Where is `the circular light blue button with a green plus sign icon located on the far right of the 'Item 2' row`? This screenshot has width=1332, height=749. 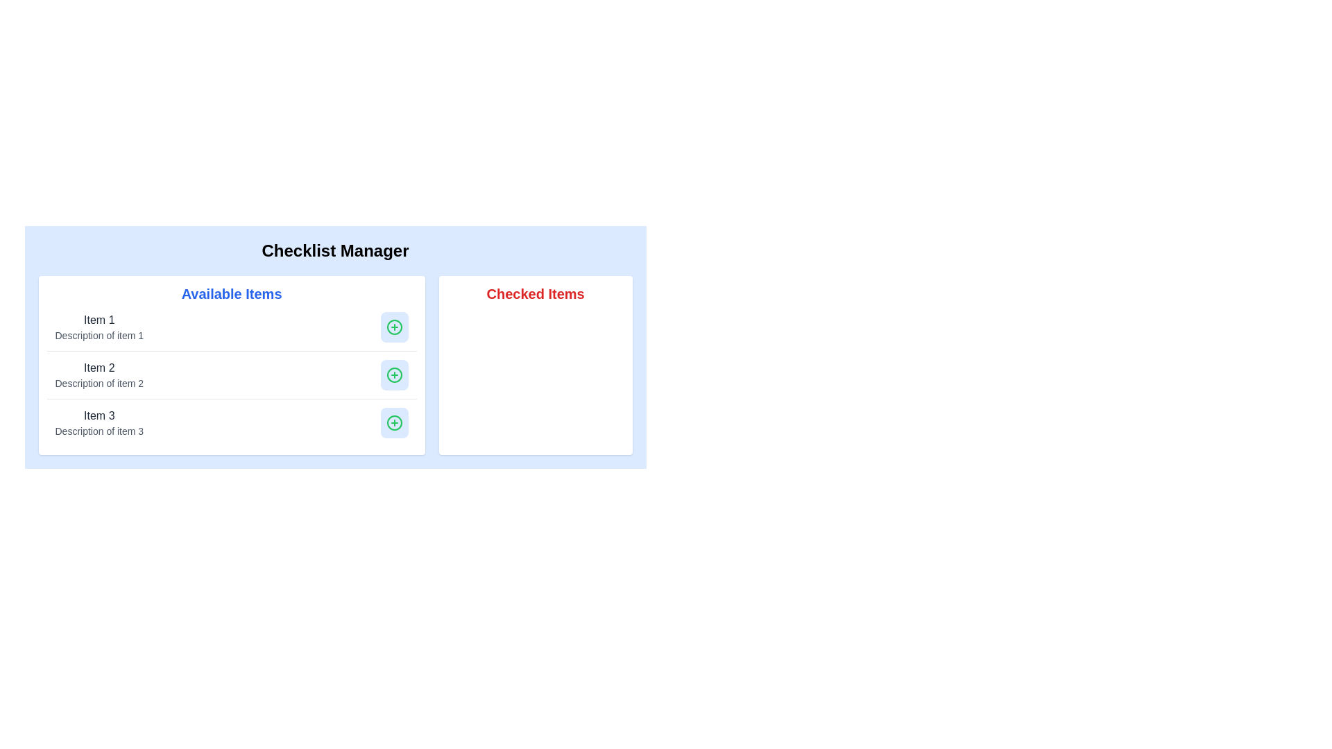
the circular light blue button with a green plus sign icon located on the far right of the 'Item 2' row is located at coordinates (393, 374).